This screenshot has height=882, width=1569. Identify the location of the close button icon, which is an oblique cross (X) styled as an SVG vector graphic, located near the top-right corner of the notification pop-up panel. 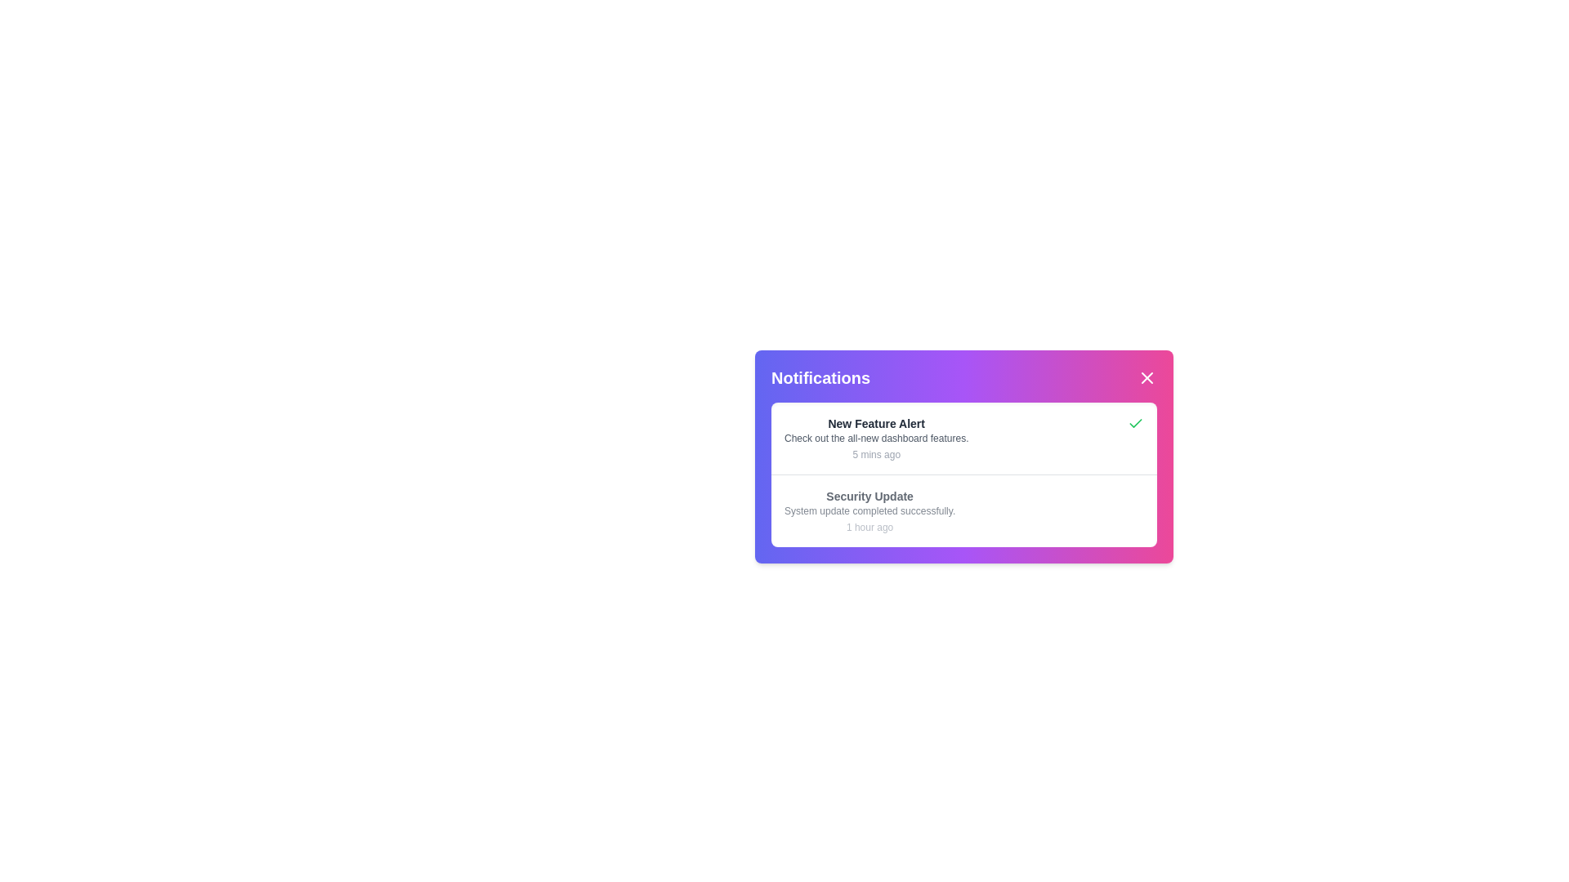
(1146, 377).